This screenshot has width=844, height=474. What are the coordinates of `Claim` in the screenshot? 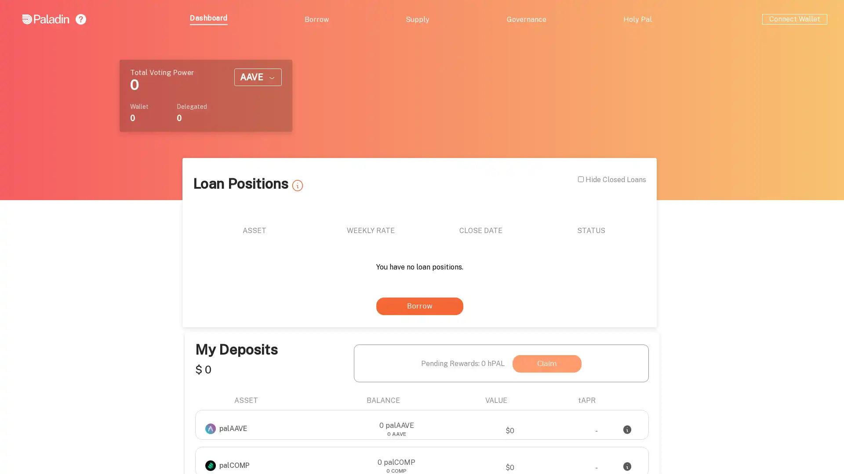 It's located at (668, 185).